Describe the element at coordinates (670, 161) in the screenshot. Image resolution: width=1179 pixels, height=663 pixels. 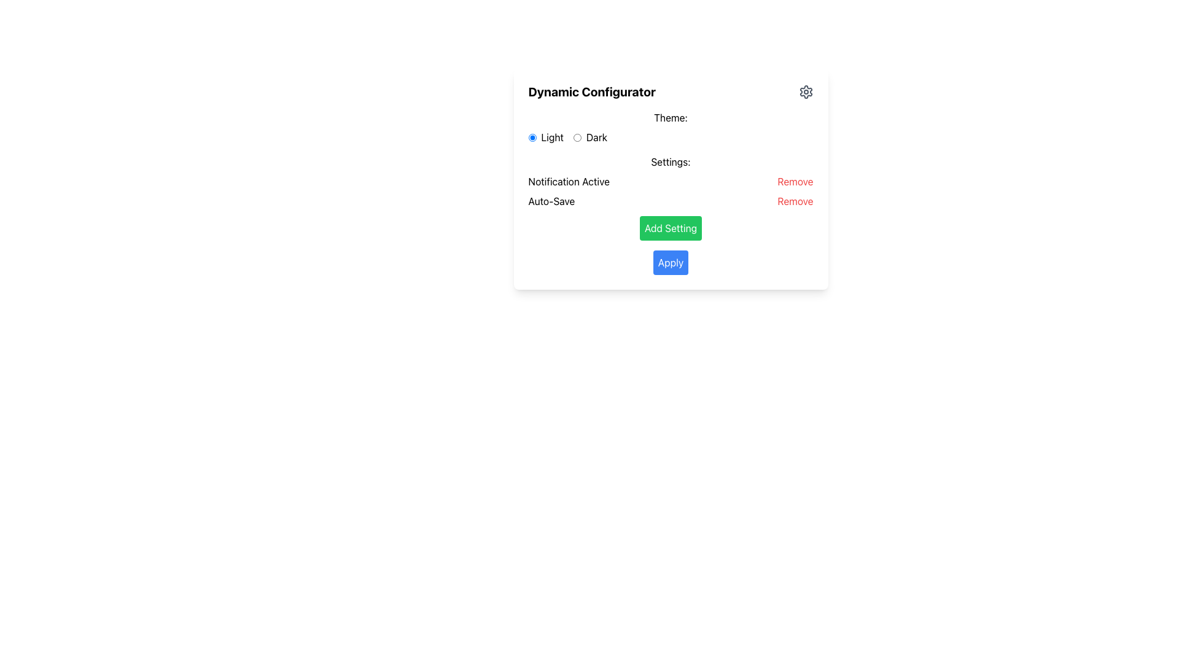
I see `the 'Settings:' static text label, which is styled in bold and positioned centrally above the setting items in the application interface` at that location.